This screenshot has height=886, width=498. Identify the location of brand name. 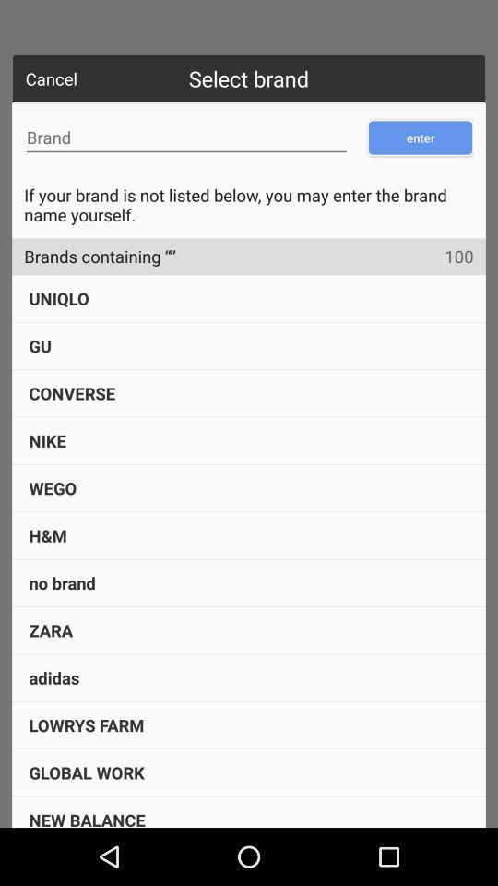
(186, 137).